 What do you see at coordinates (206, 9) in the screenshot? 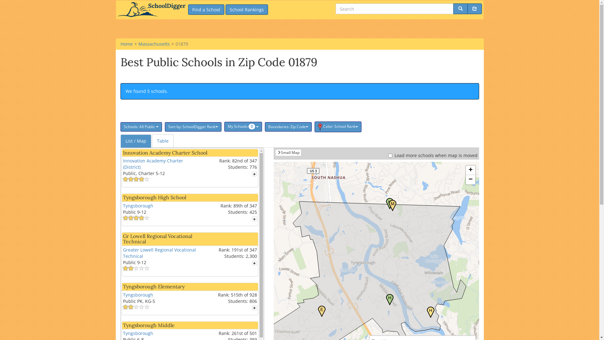
I see `'Find a School'` at bounding box center [206, 9].